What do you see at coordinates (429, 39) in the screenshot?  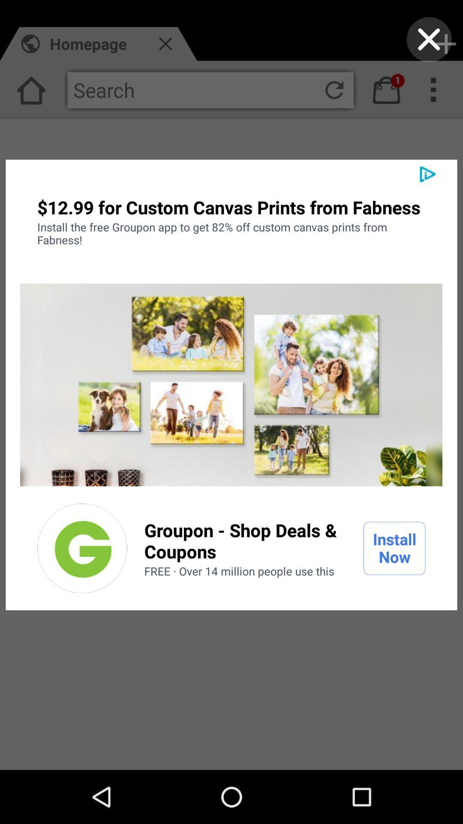 I see `the page` at bounding box center [429, 39].